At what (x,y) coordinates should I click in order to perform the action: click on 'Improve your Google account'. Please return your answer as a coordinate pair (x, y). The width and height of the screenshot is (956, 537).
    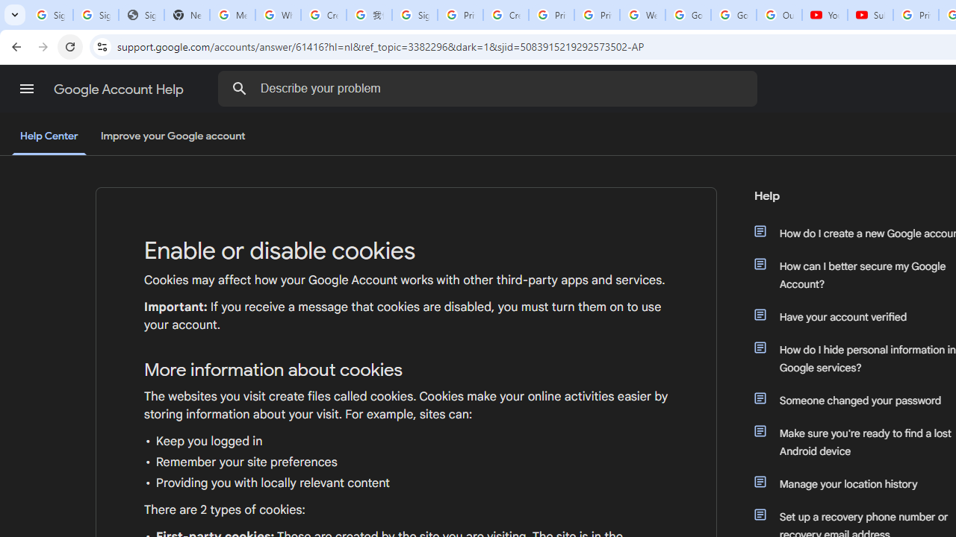
    Looking at the image, I should click on (173, 136).